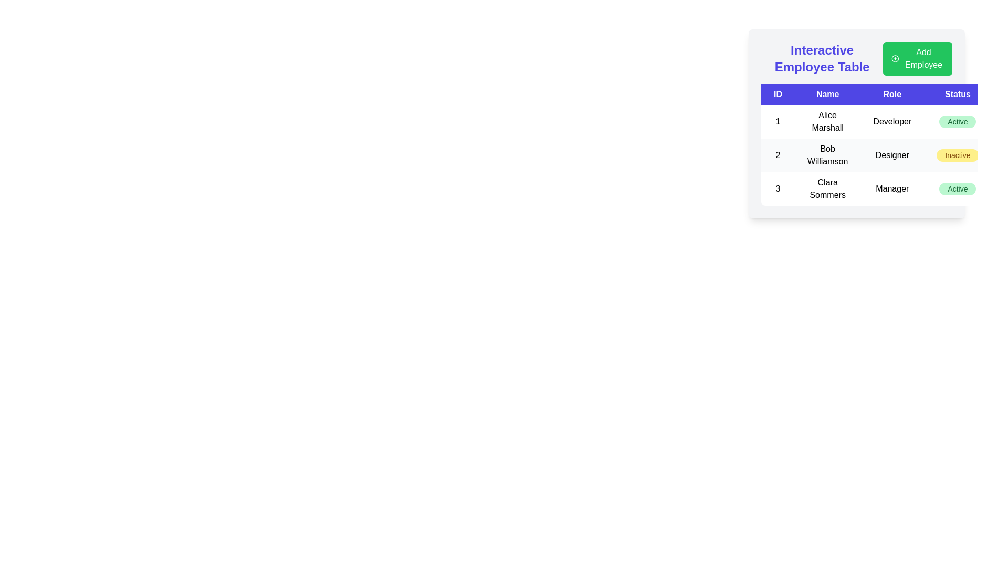 Image resolution: width=1008 pixels, height=567 pixels. What do you see at coordinates (958, 121) in the screenshot?
I see `the 'Active' status label in the Status column of the first row in the table, which is aligned with 'Alice Marshall' and 'Developer'` at bounding box center [958, 121].